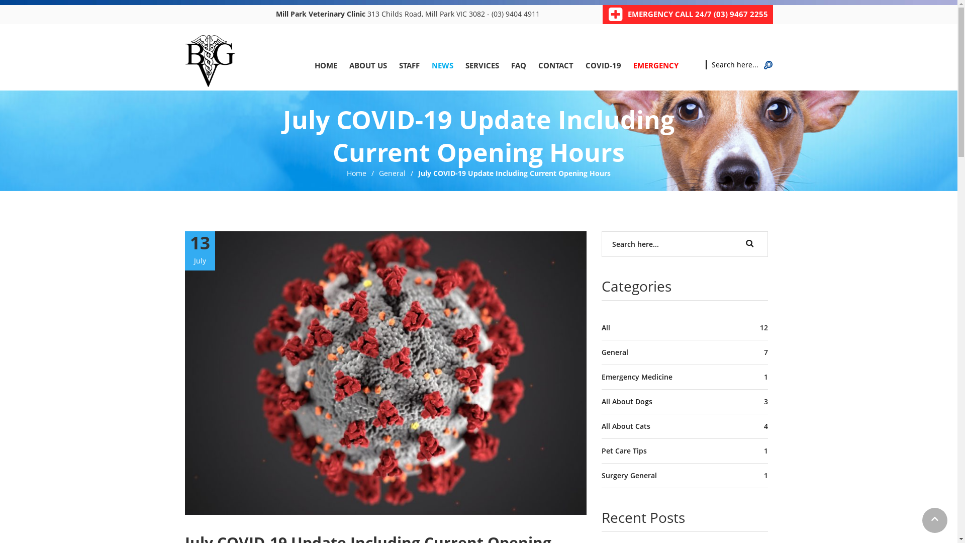  Describe the element at coordinates (684, 475) in the screenshot. I see `'Surgery General` at that location.